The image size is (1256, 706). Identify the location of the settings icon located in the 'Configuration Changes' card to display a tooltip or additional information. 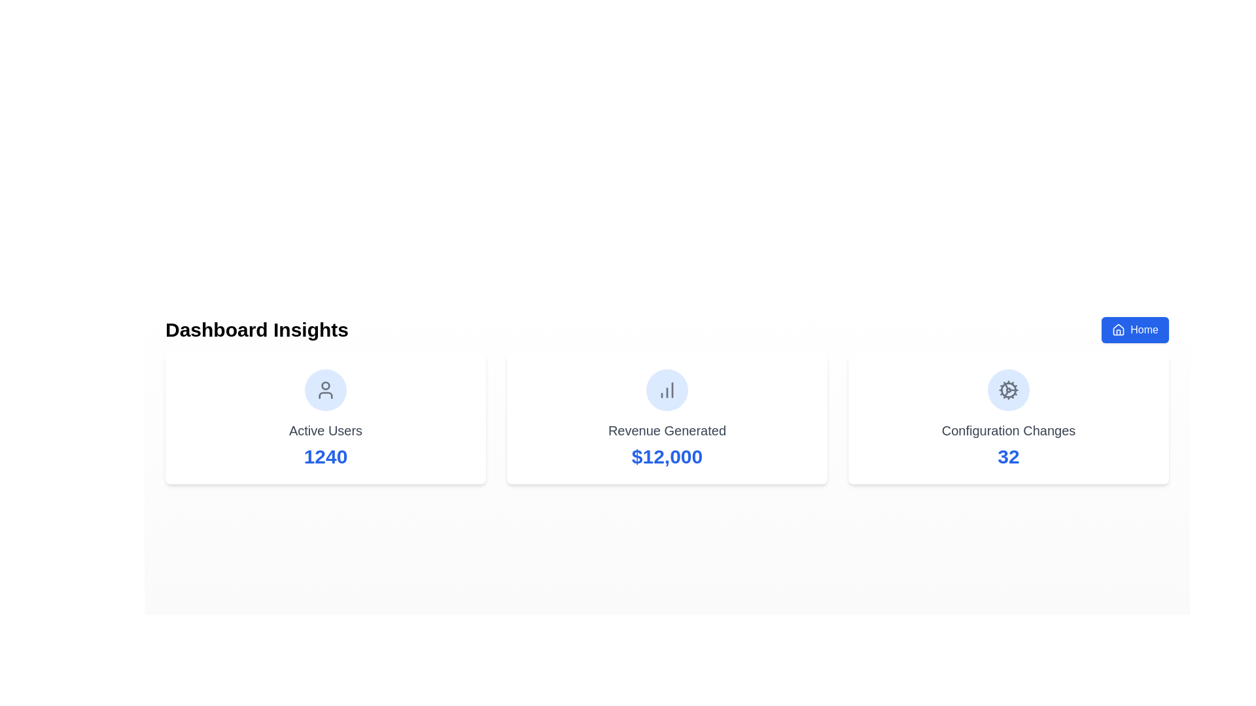
(1007, 390).